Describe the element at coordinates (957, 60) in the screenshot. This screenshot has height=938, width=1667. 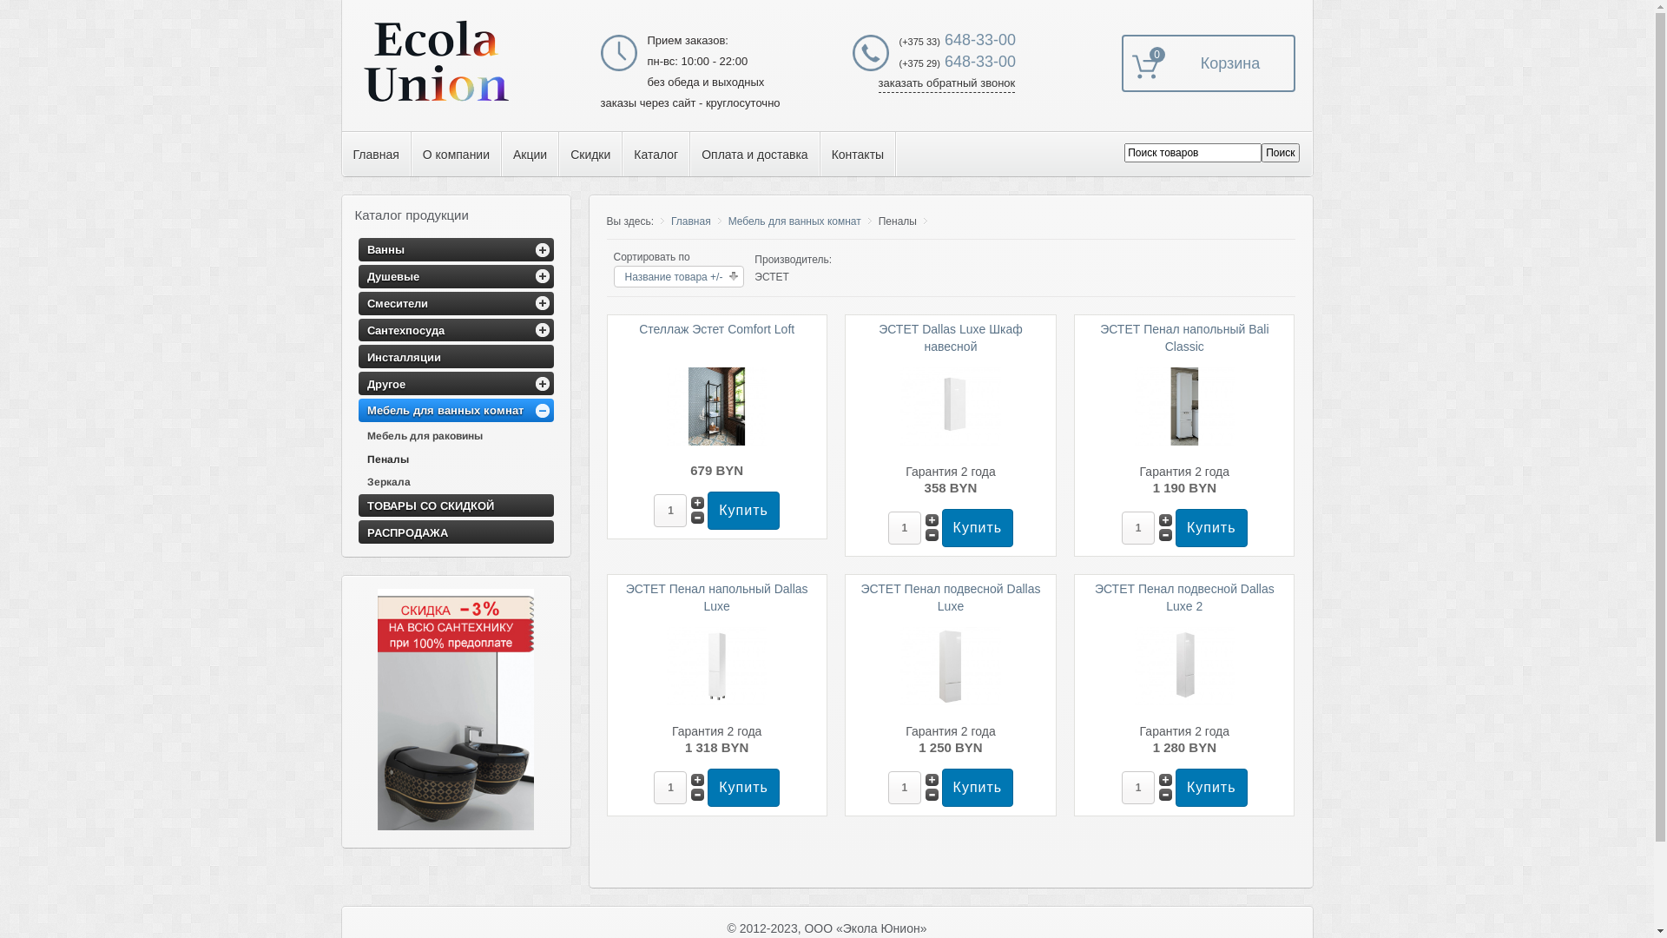
I see `'(+375 29) 648-33-00'` at that location.